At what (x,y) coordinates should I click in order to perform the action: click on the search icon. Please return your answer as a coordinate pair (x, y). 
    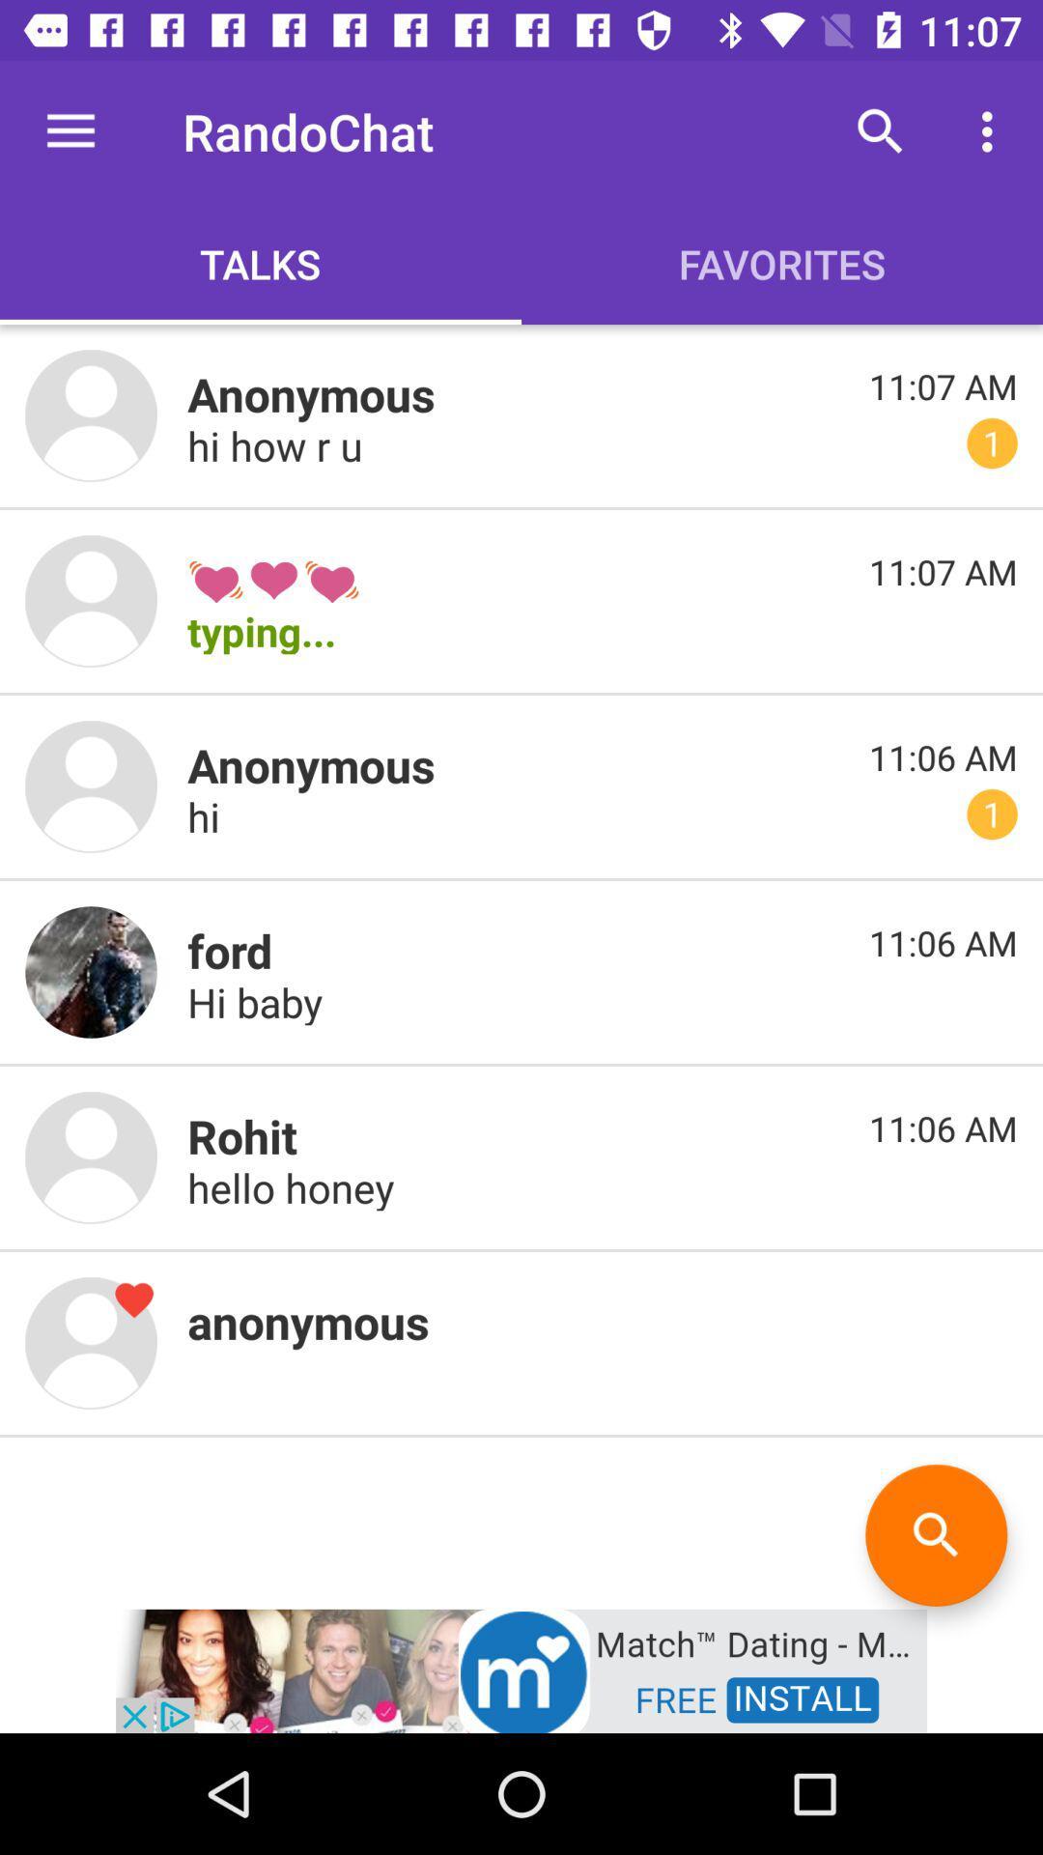
    Looking at the image, I should click on (935, 1534).